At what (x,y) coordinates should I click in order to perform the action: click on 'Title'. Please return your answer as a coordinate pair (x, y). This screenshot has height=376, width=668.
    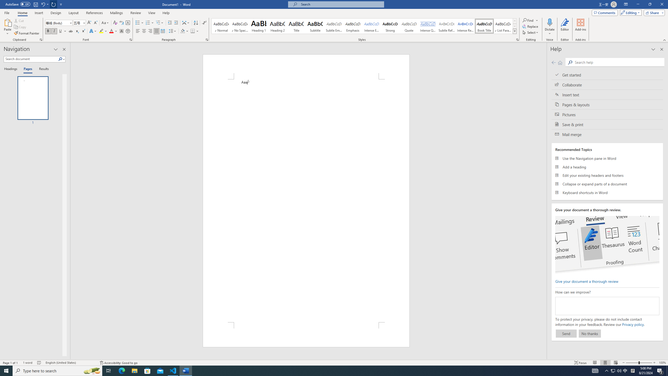
    Looking at the image, I should click on (296, 26).